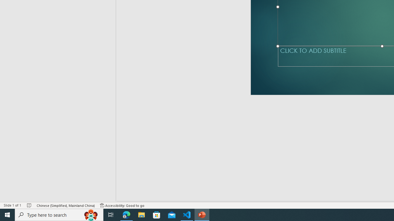  Describe the element at coordinates (157, 214) in the screenshot. I see `'Microsoft Store'` at that location.